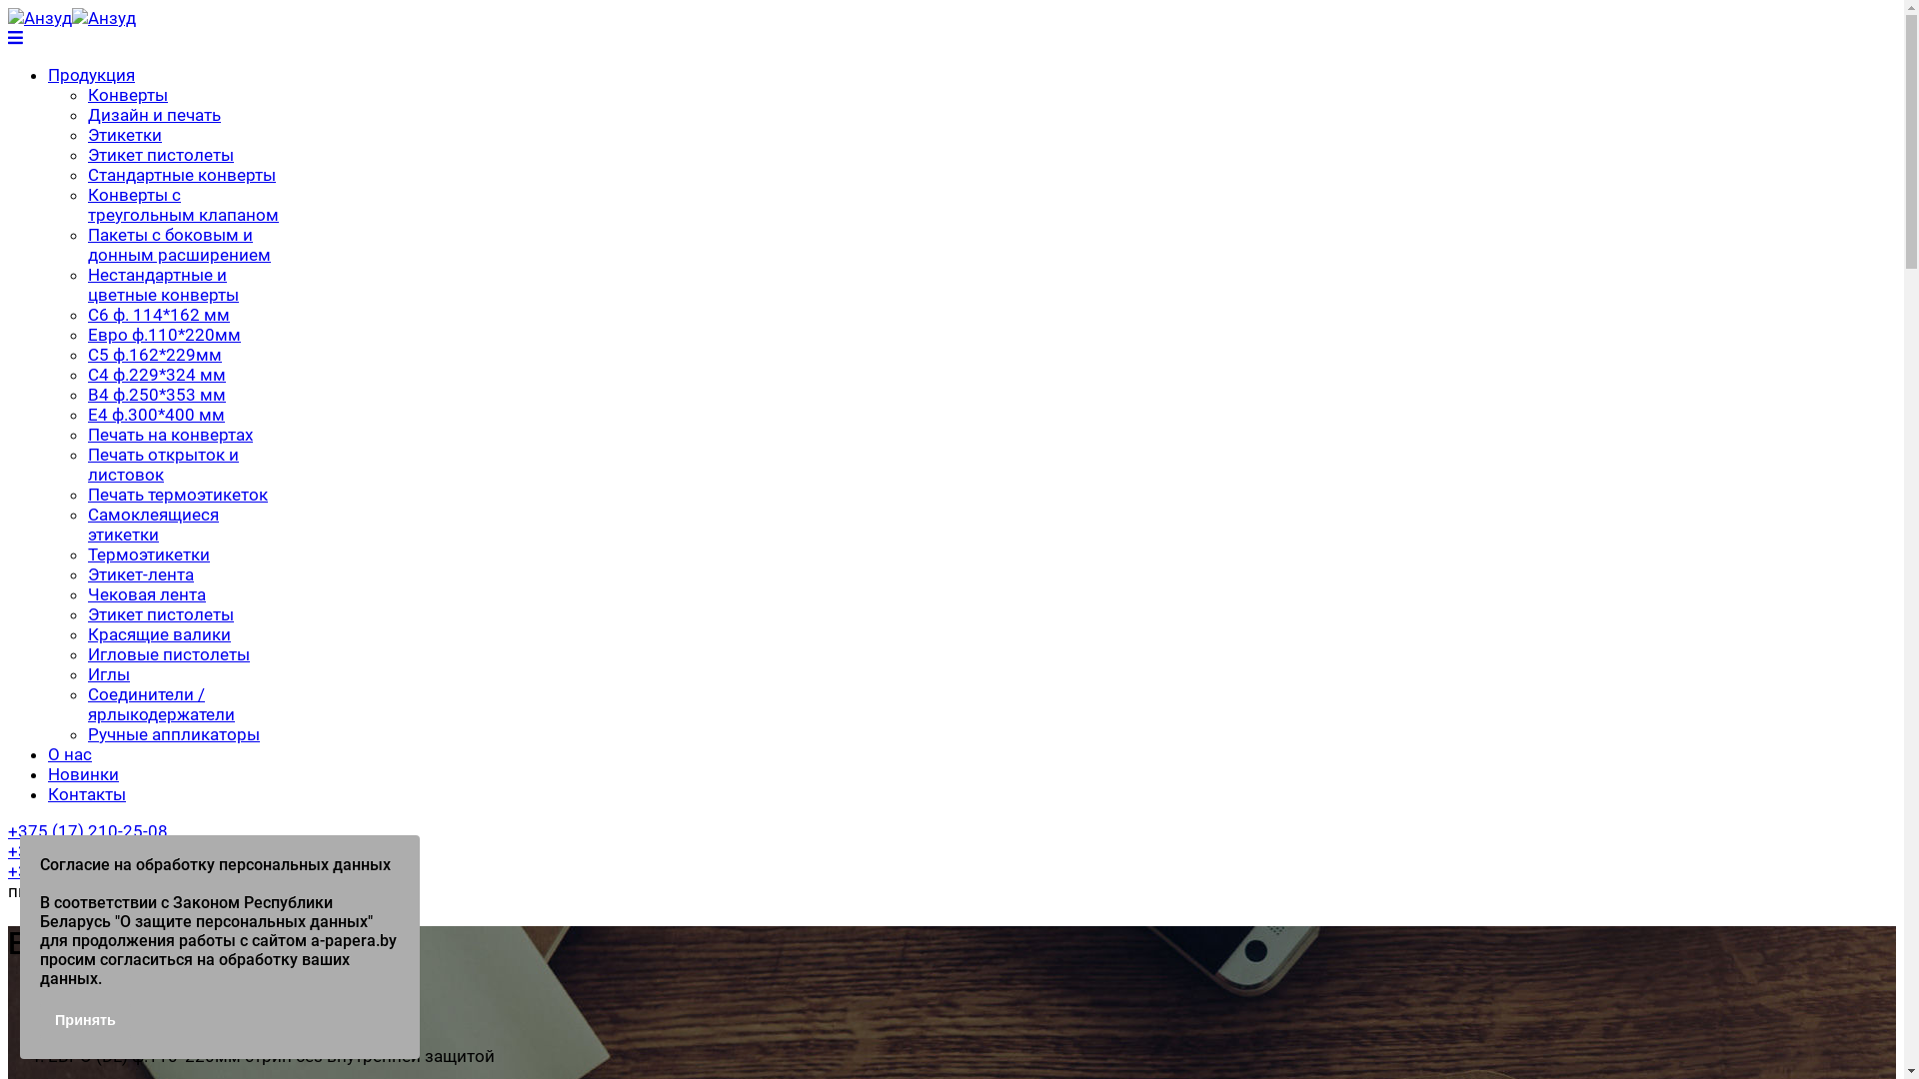 This screenshot has height=1079, width=1919. What do you see at coordinates (86, 869) in the screenshot?
I see `'+375 (29) 375-55-09'` at bounding box center [86, 869].